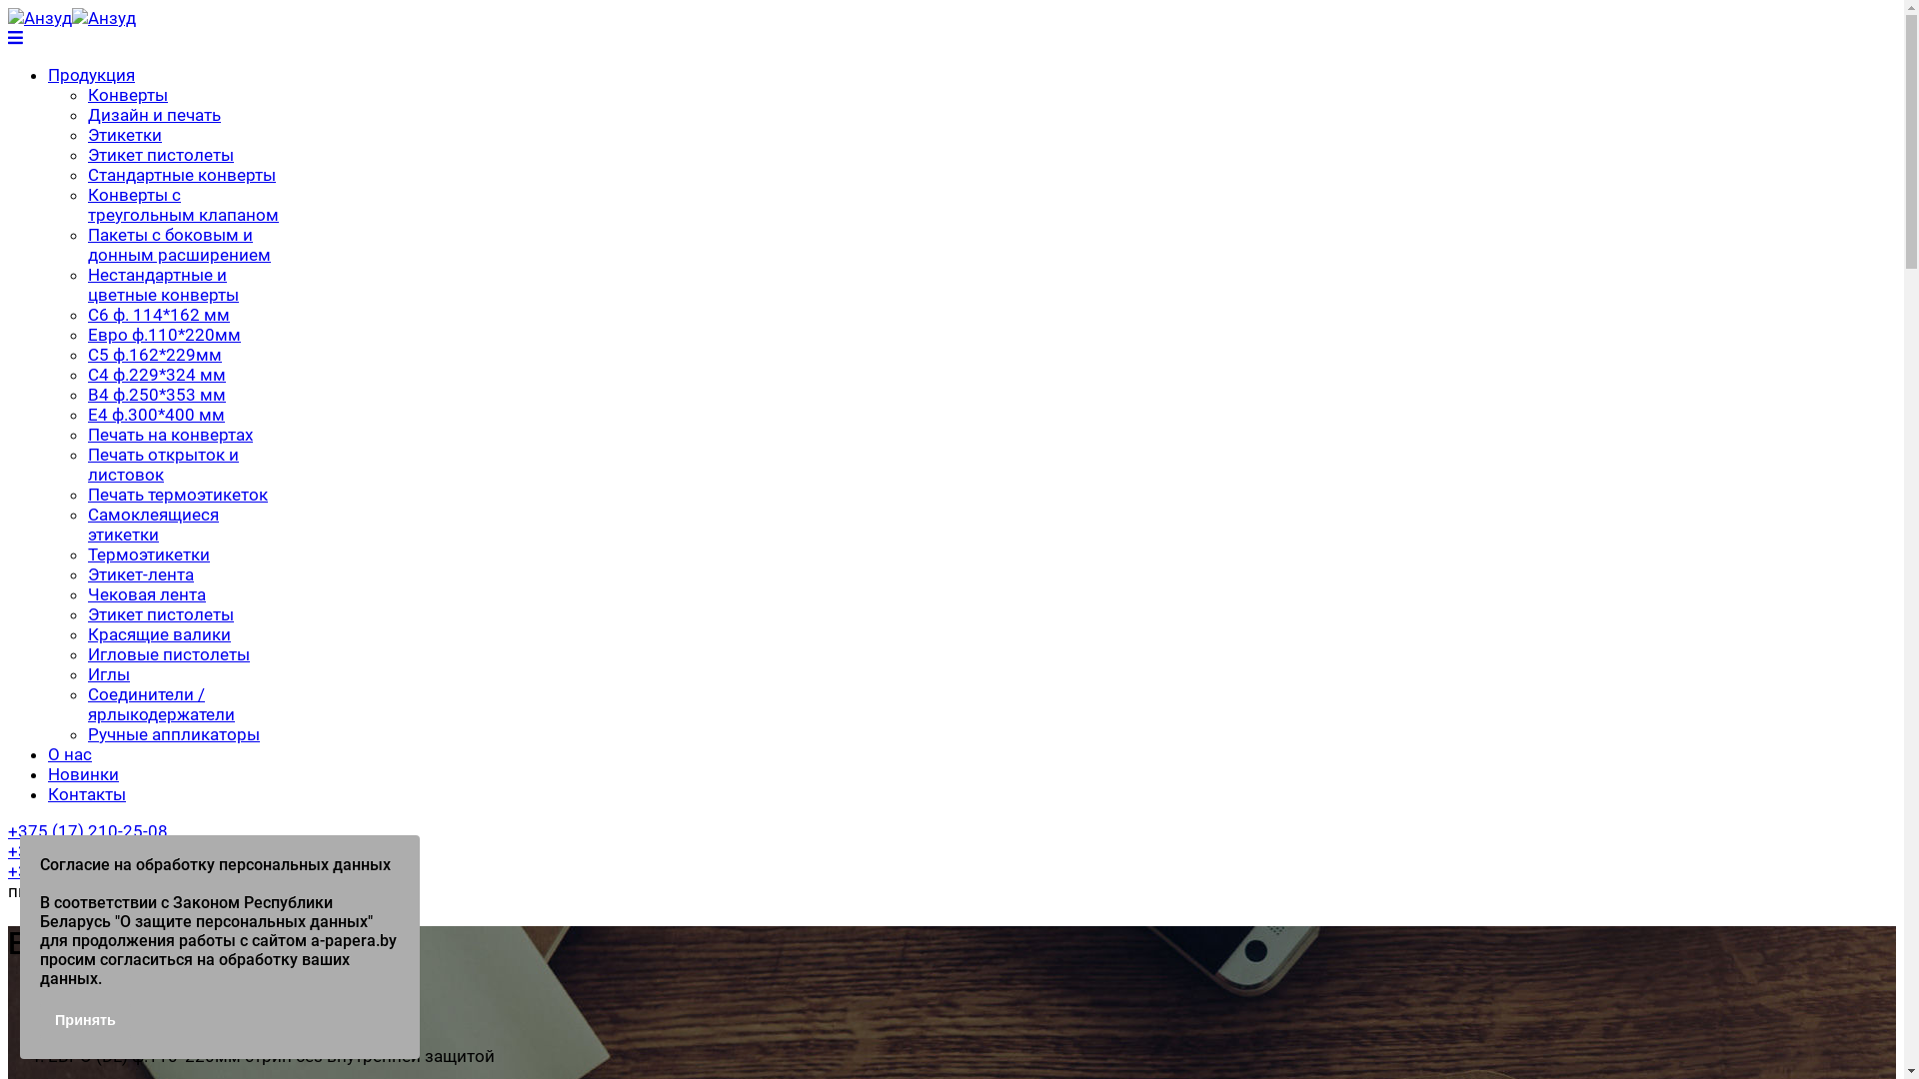 This screenshot has height=1079, width=1919. What do you see at coordinates (86, 869) in the screenshot?
I see `'+375 (29) 375-55-09'` at bounding box center [86, 869].